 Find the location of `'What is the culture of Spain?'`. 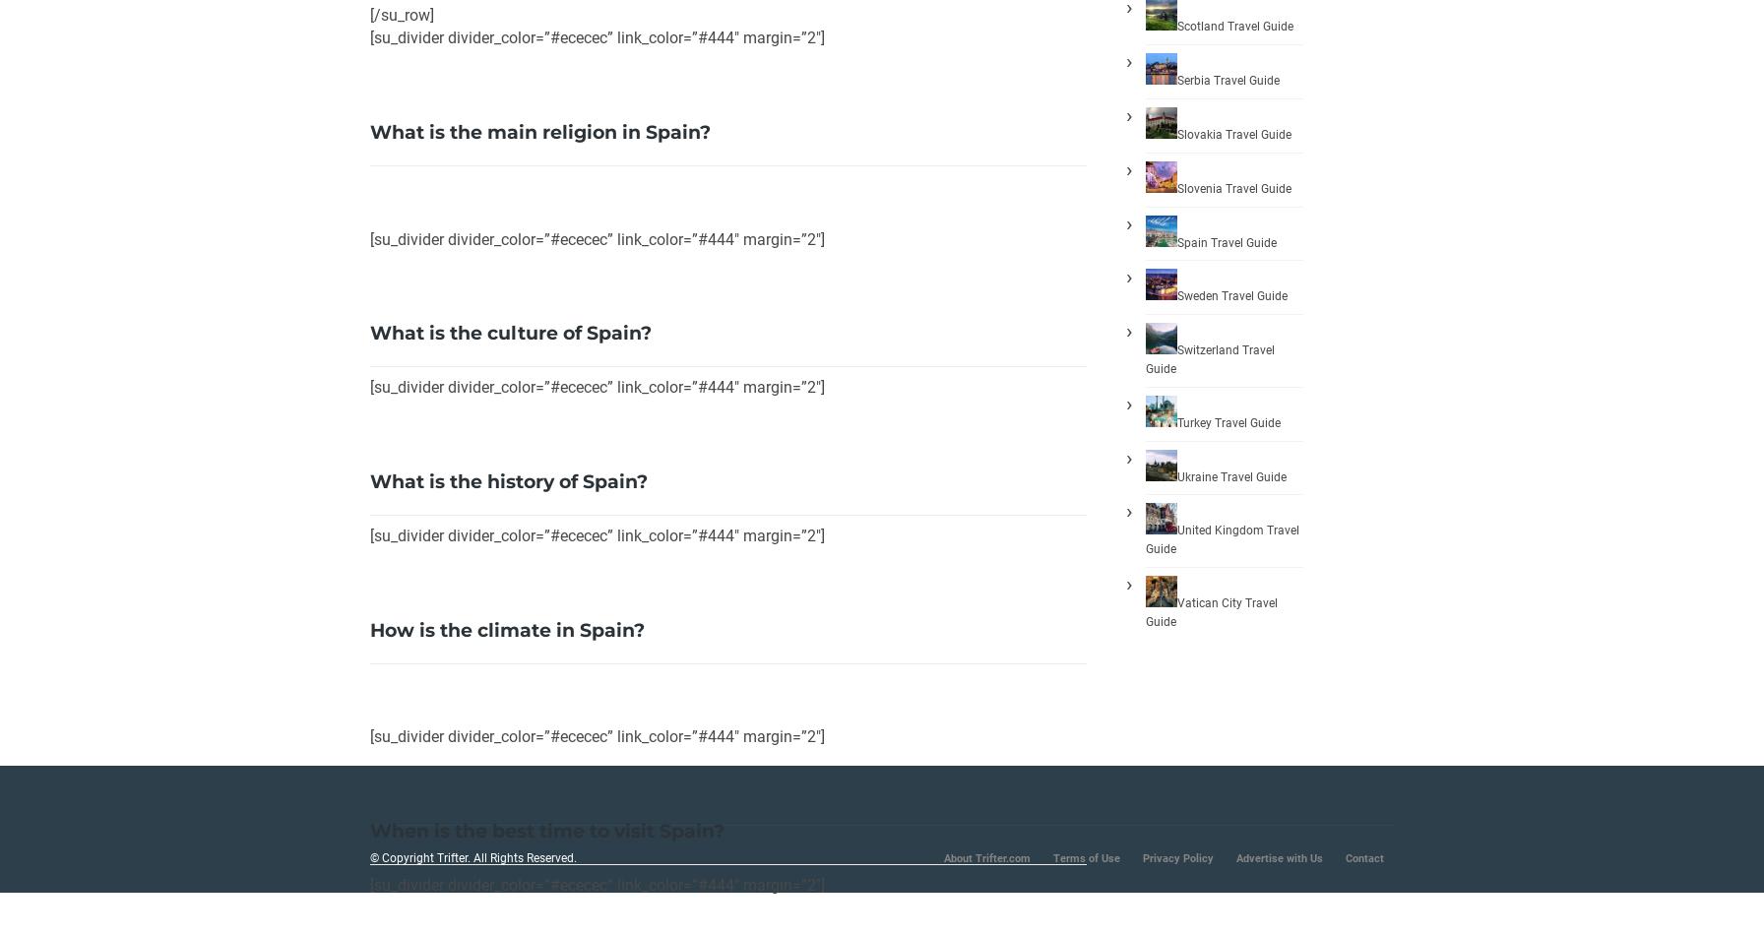

'What is the culture of Spain?' is located at coordinates (510, 332).